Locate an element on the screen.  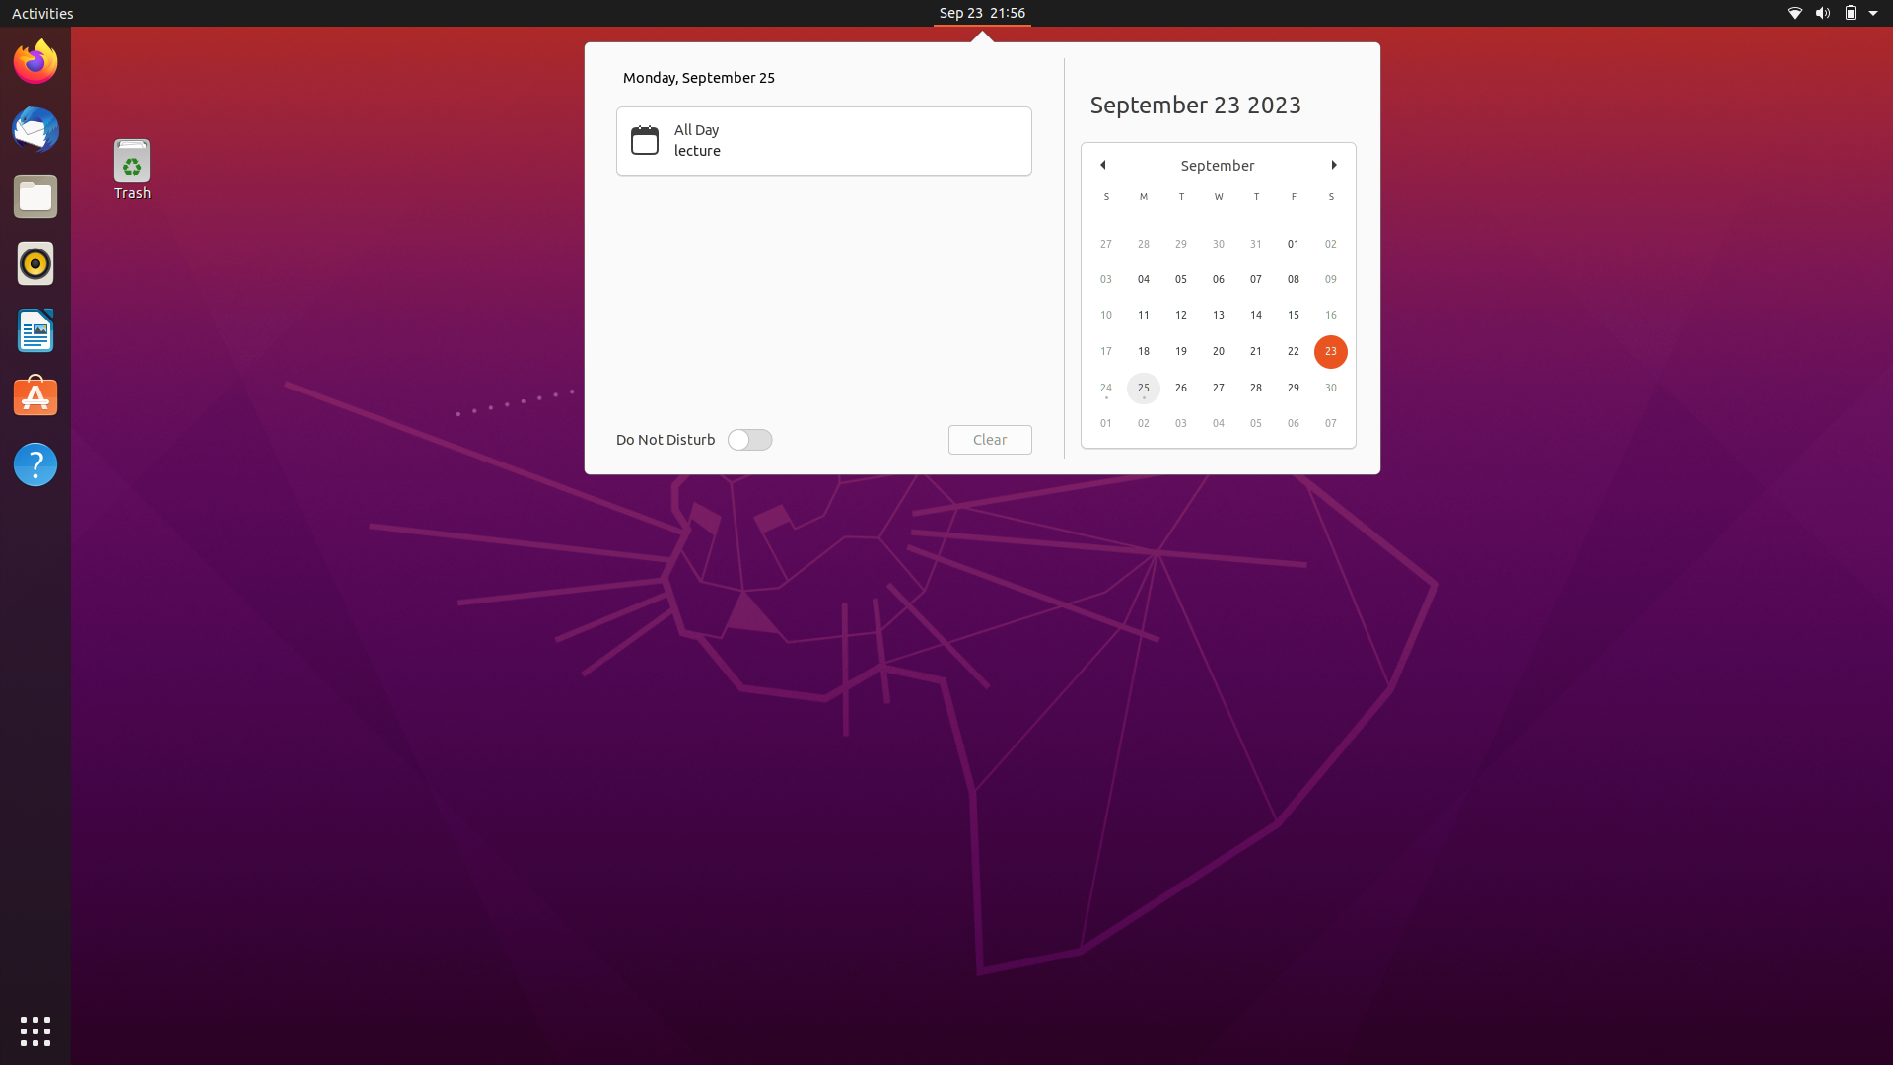
Check the events planned for the proceeding month is located at coordinates (1334, 162).